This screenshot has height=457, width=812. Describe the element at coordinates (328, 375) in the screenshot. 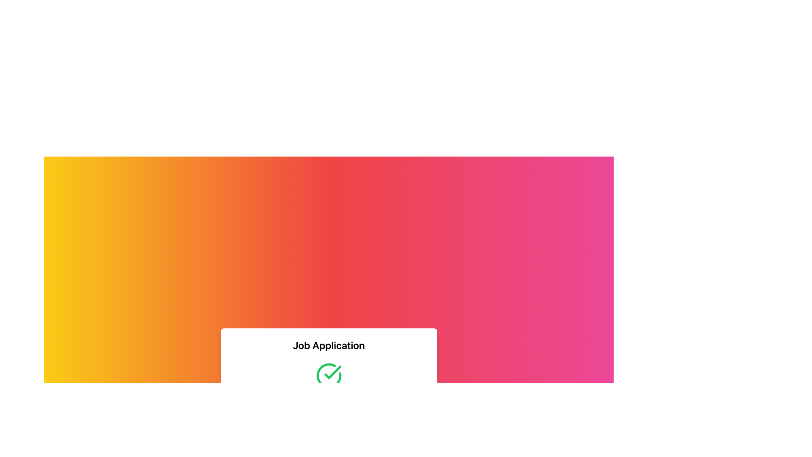

I see `the circular icon with a green checkmark inside it, which is located in the white area below the 'Job Application' text and centered in the gradient background` at that location.